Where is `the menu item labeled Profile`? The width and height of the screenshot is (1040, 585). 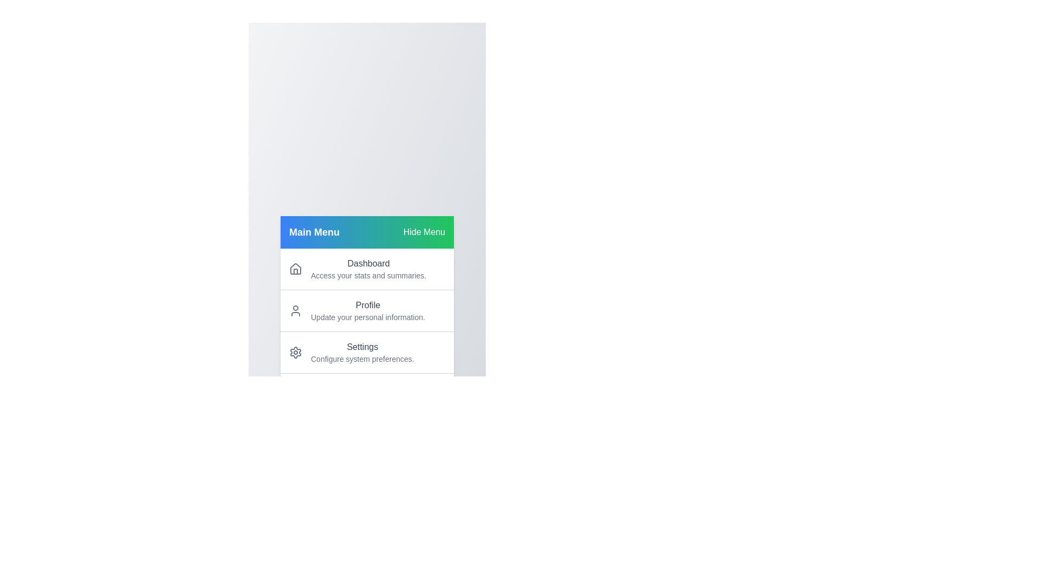 the menu item labeled Profile is located at coordinates (367, 310).